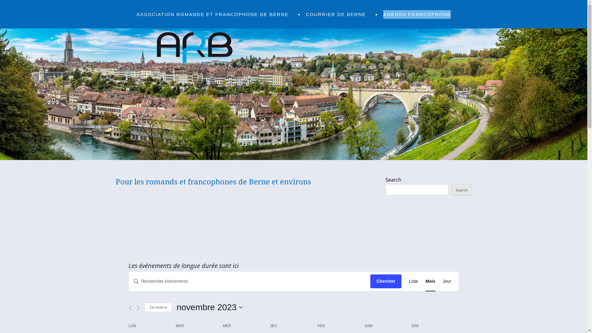  I want to click on 'Ce mois-ci', so click(158, 307).